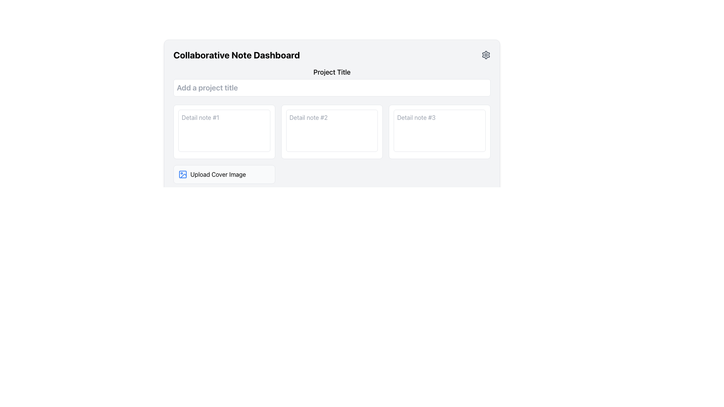  What do you see at coordinates (183, 174) in the screenshot?
I see `the square with rounded corners that is part of the picture or photo icon, located on the left side of the 'Upload Cover Image' button` at bounding box center [183, 174].